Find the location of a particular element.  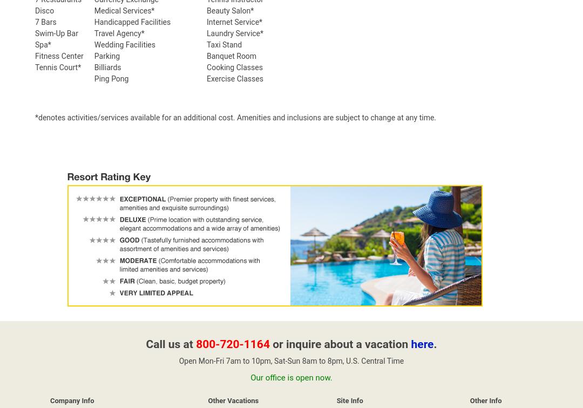

'Open Mon-Fri 7am to 10pm, Sat-Sun 8am to 8pm, U.S. Central Time' is located at coordinates (290, 361).